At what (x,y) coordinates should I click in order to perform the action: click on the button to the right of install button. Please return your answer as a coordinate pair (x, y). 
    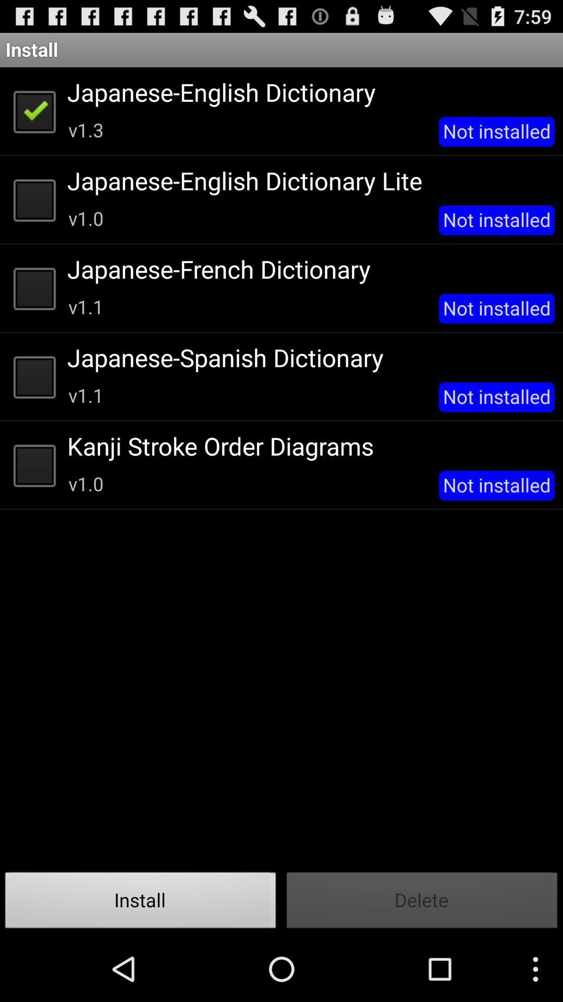
    Looking at the image, I should click on (422, 903).